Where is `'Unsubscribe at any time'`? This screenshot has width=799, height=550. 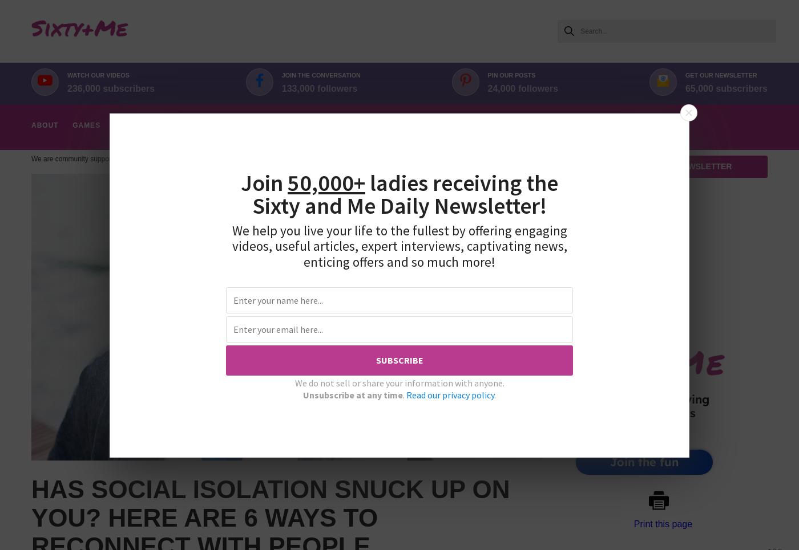
'Unsubscribe at any time' is located at coordinates (353, 393).